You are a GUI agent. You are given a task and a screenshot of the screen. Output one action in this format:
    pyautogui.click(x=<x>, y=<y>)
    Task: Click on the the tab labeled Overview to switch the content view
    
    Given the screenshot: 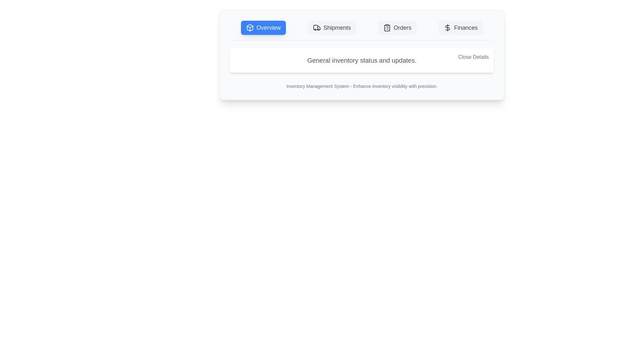 What is the action you would take?
    pyautogui.click(x=263, y=27)
    